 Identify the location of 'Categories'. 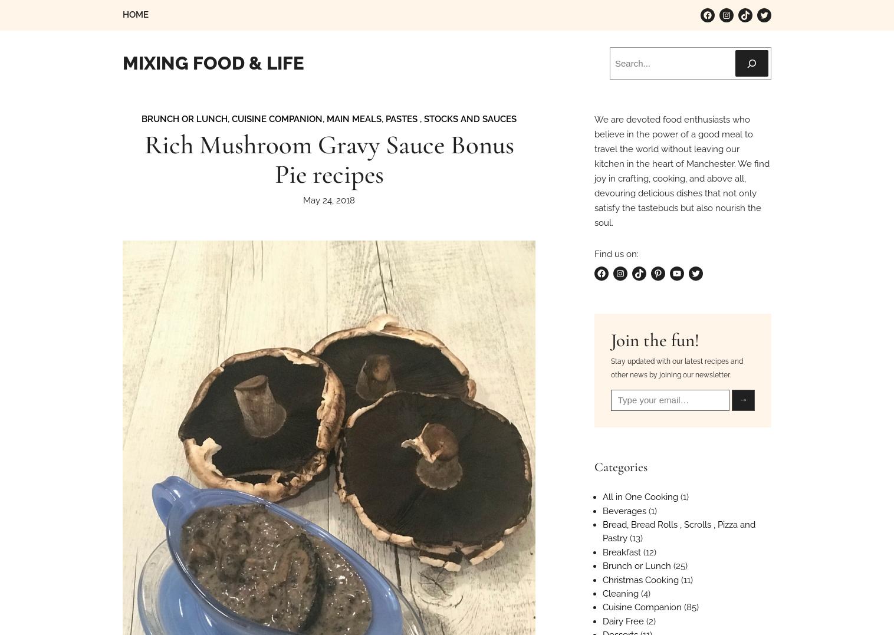
(593, 466).